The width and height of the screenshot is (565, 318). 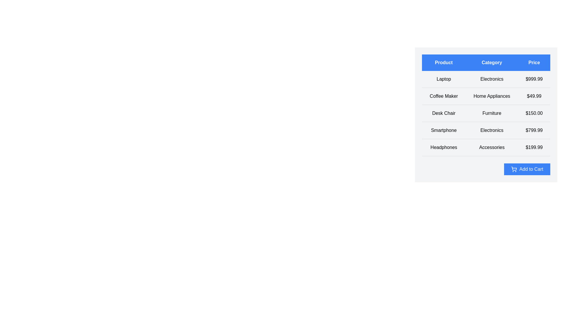 What do you see at coordinates (486, 79) in the screenshot?
I see `the text in the first row of the product table that displays information about a laptop categorized as 'Electronics' and priced at $999.99` at bounding box center [486, 79].